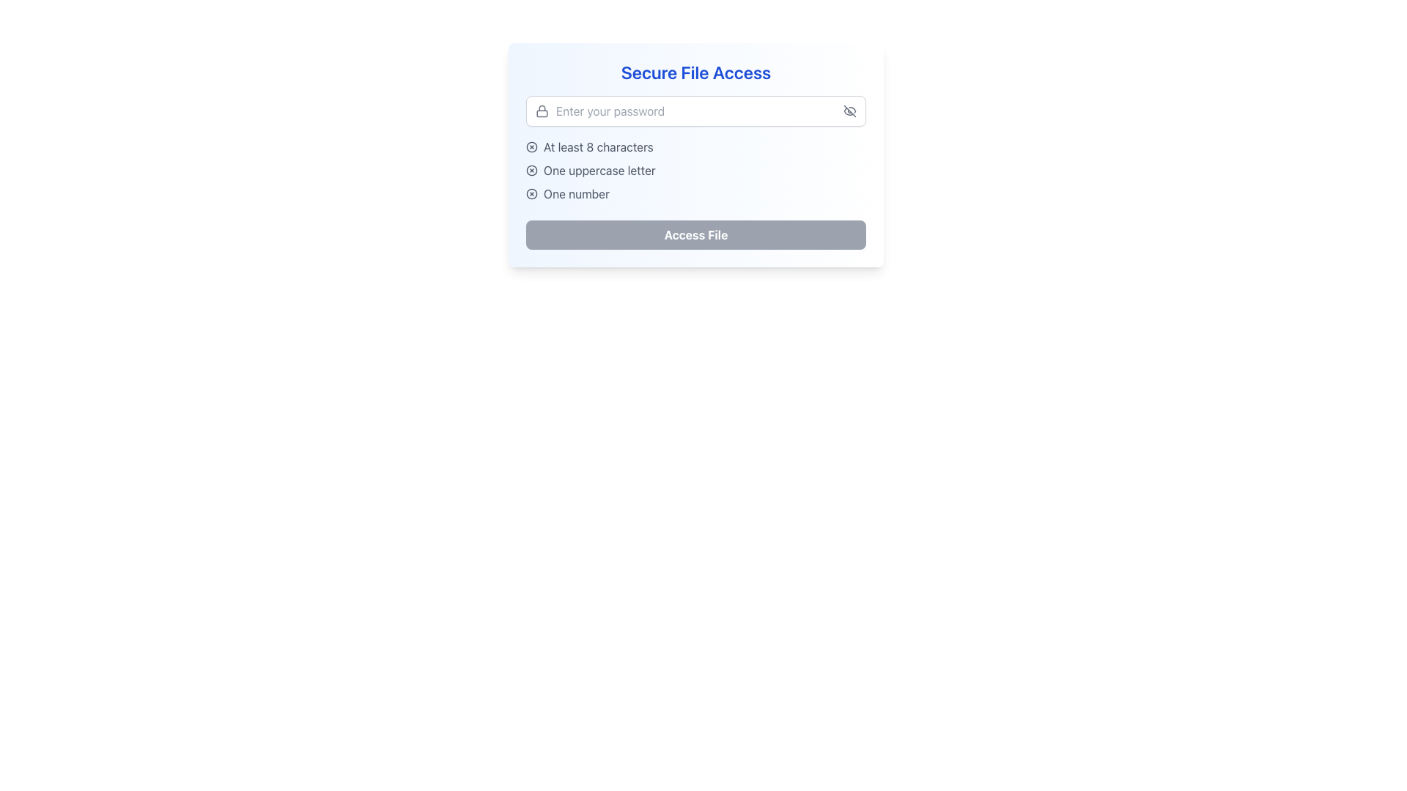 This screenshot has width=1407, height=791. Describe the element at coordinates (695, 234) in the screenshot. I see `the Disabled Button located beneath the password instructions in the 'Secure File Access' section` at that location.